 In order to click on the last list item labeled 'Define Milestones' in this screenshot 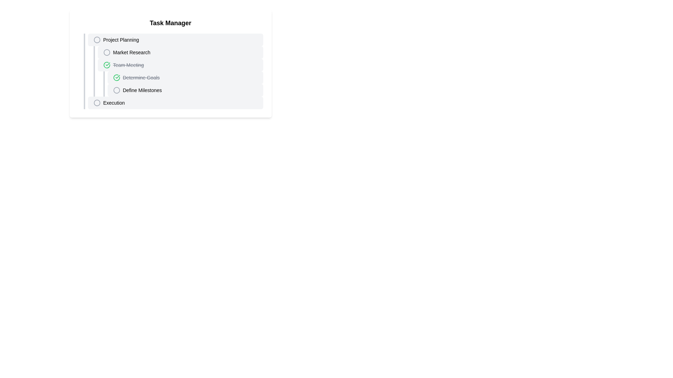, I will do `click(183, 90)`.